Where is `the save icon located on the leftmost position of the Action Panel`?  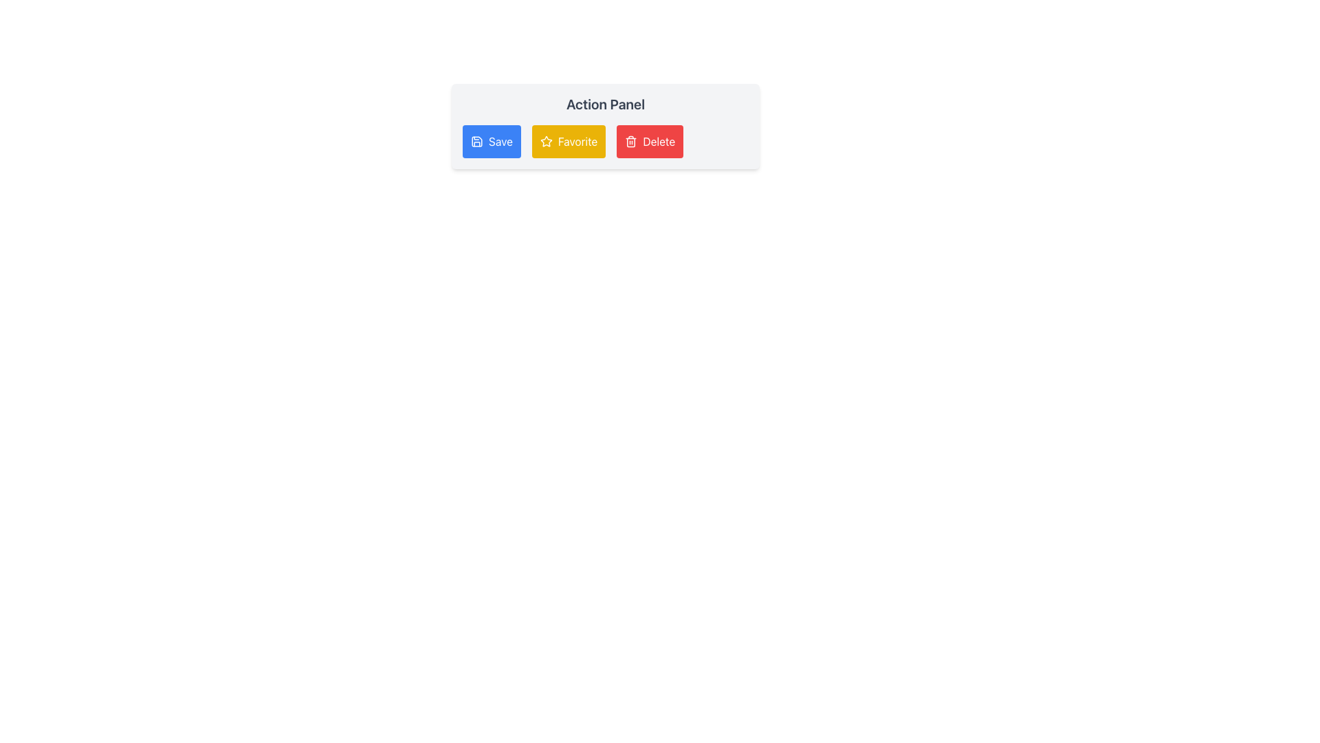
the save icon located on the leftmost position of the Action Panel is located at coordinates (477, 141).